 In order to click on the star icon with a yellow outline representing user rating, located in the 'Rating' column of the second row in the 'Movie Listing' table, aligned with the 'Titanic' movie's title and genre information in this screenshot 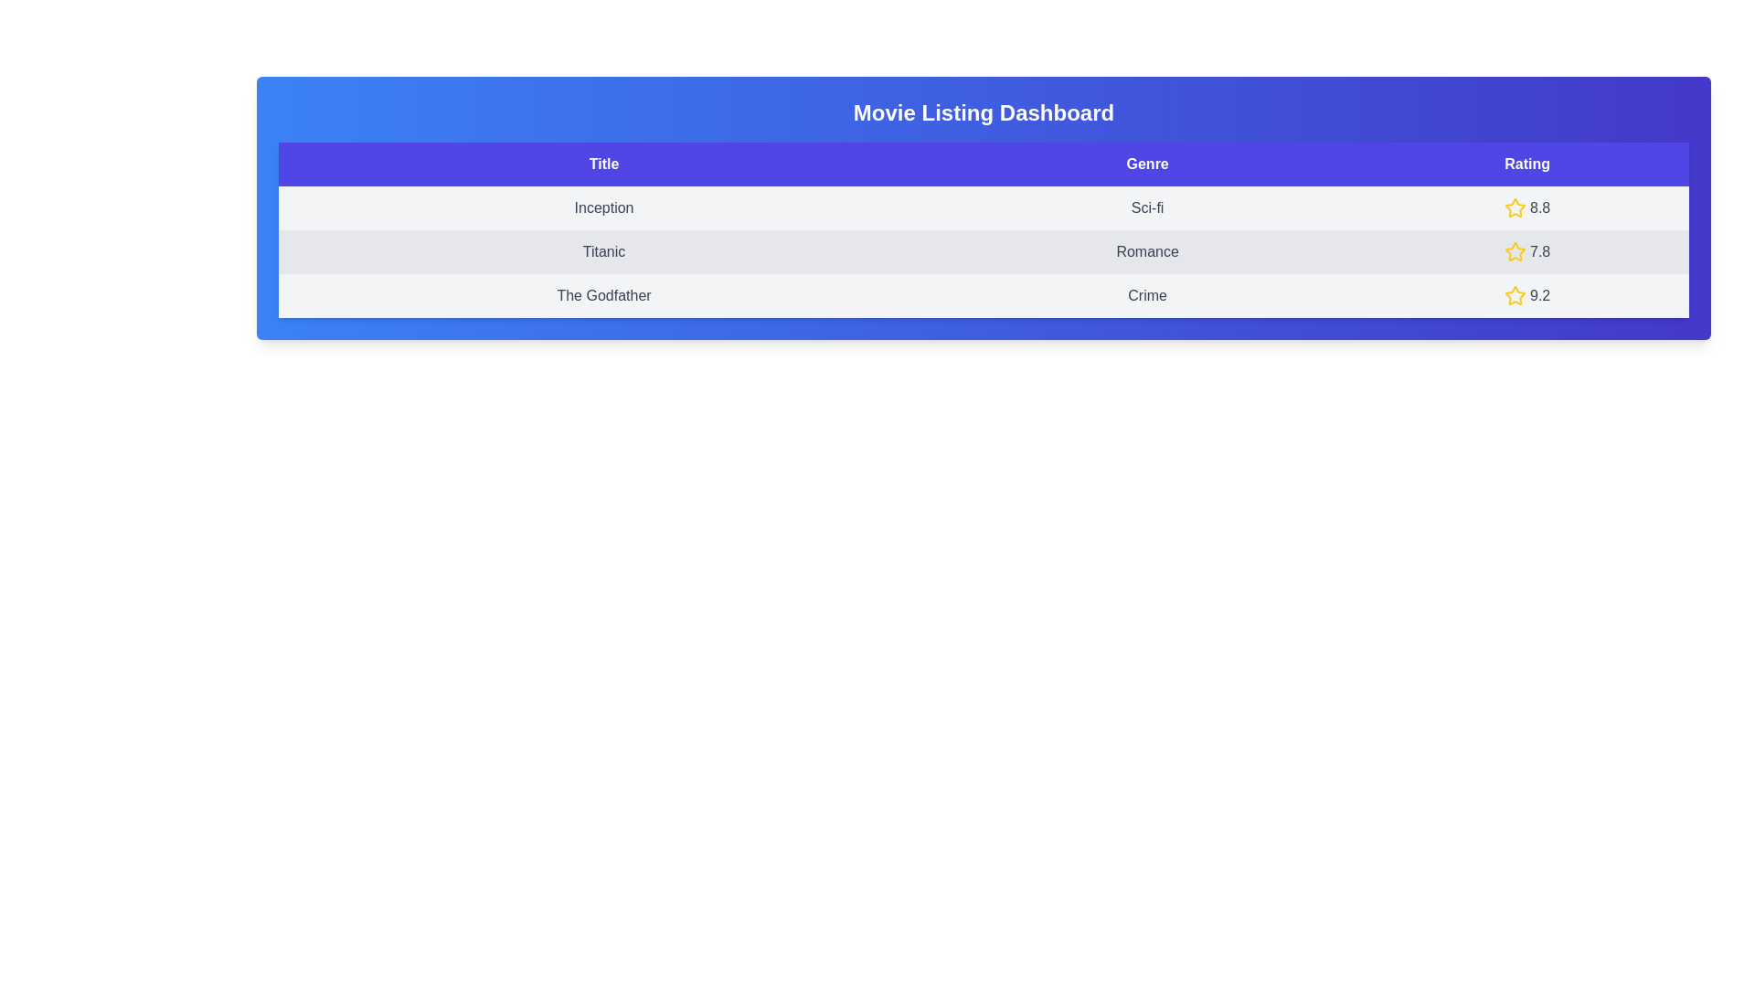, I will do `click(1515, 251)`.